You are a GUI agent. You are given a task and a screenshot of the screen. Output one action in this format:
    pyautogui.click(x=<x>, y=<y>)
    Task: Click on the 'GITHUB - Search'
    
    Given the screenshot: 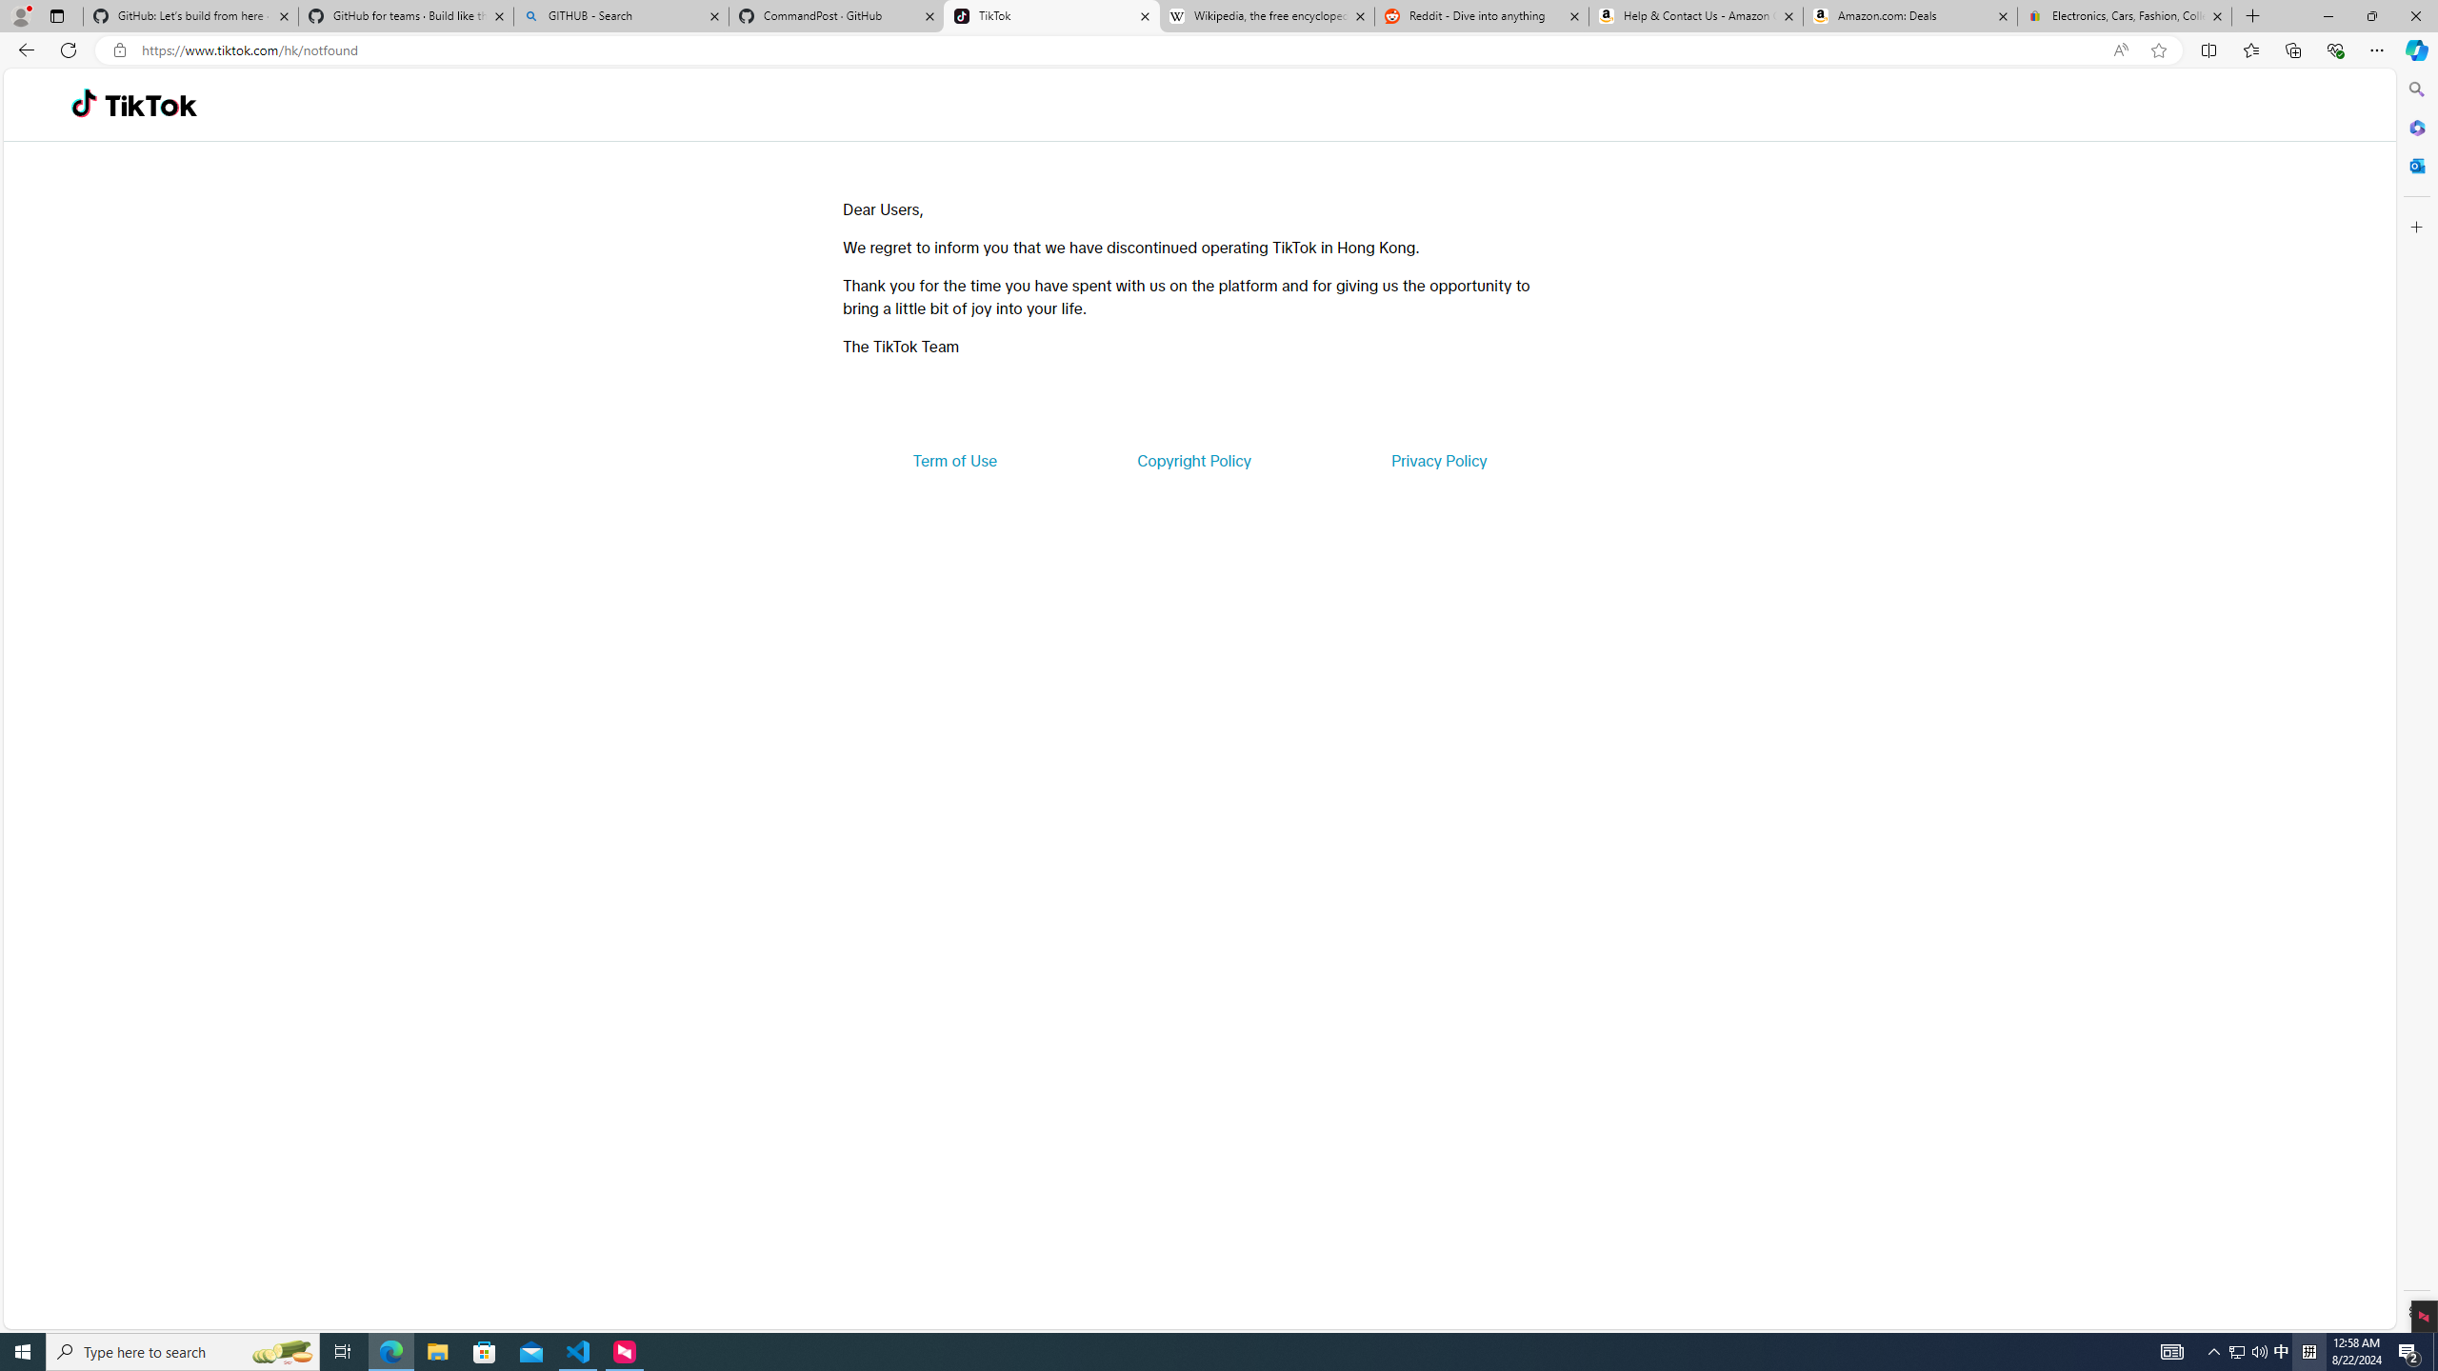 What is the action you would take?
    pyautogui.click(x=620, y=15)
    